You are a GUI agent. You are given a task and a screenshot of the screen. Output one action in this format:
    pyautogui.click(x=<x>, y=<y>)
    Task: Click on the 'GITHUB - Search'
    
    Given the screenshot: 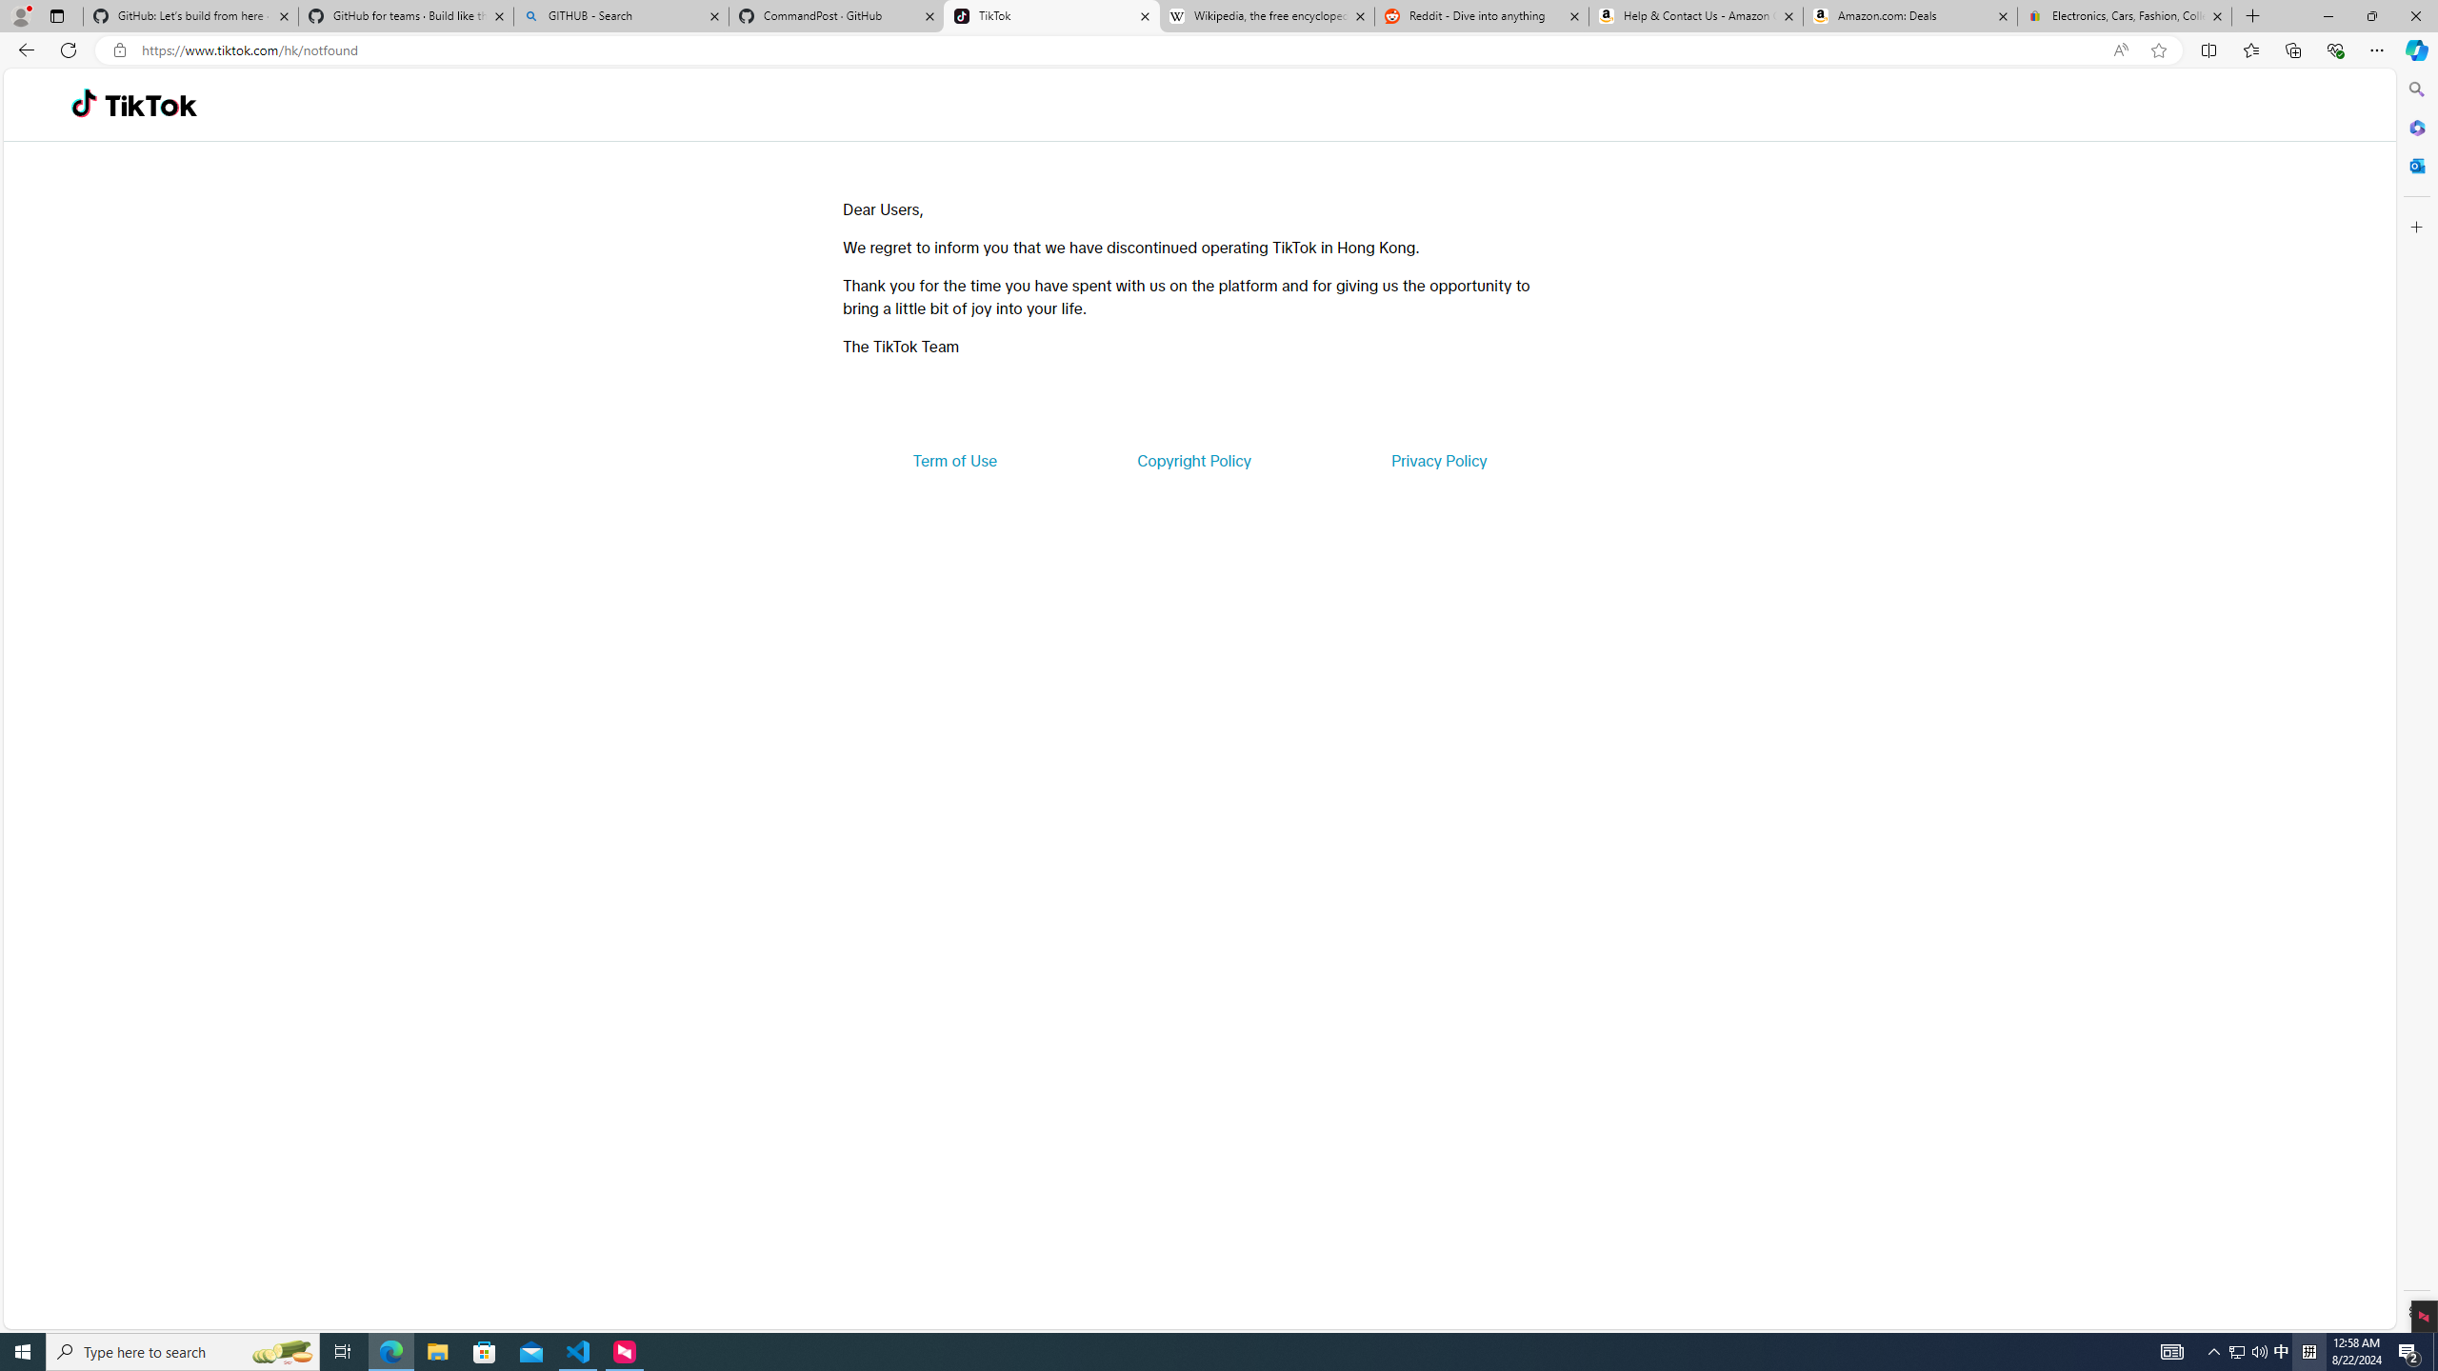 What is the action you would take?
    pyautogui.click(x=620, y=15)
    